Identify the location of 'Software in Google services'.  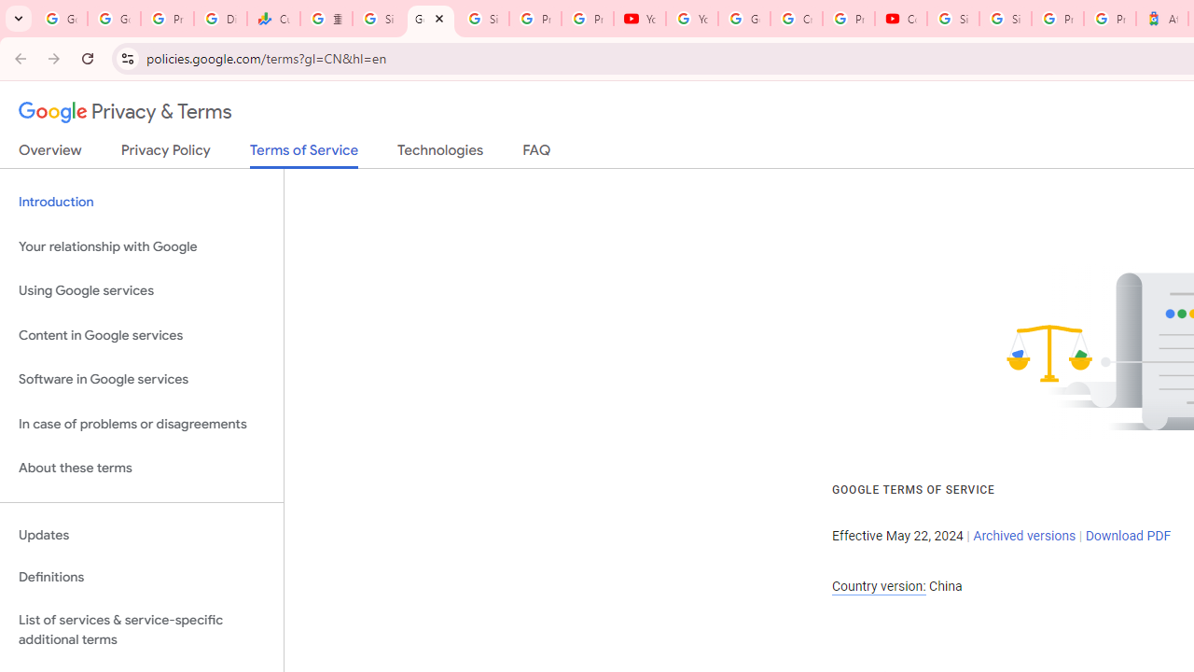
(141, 379).